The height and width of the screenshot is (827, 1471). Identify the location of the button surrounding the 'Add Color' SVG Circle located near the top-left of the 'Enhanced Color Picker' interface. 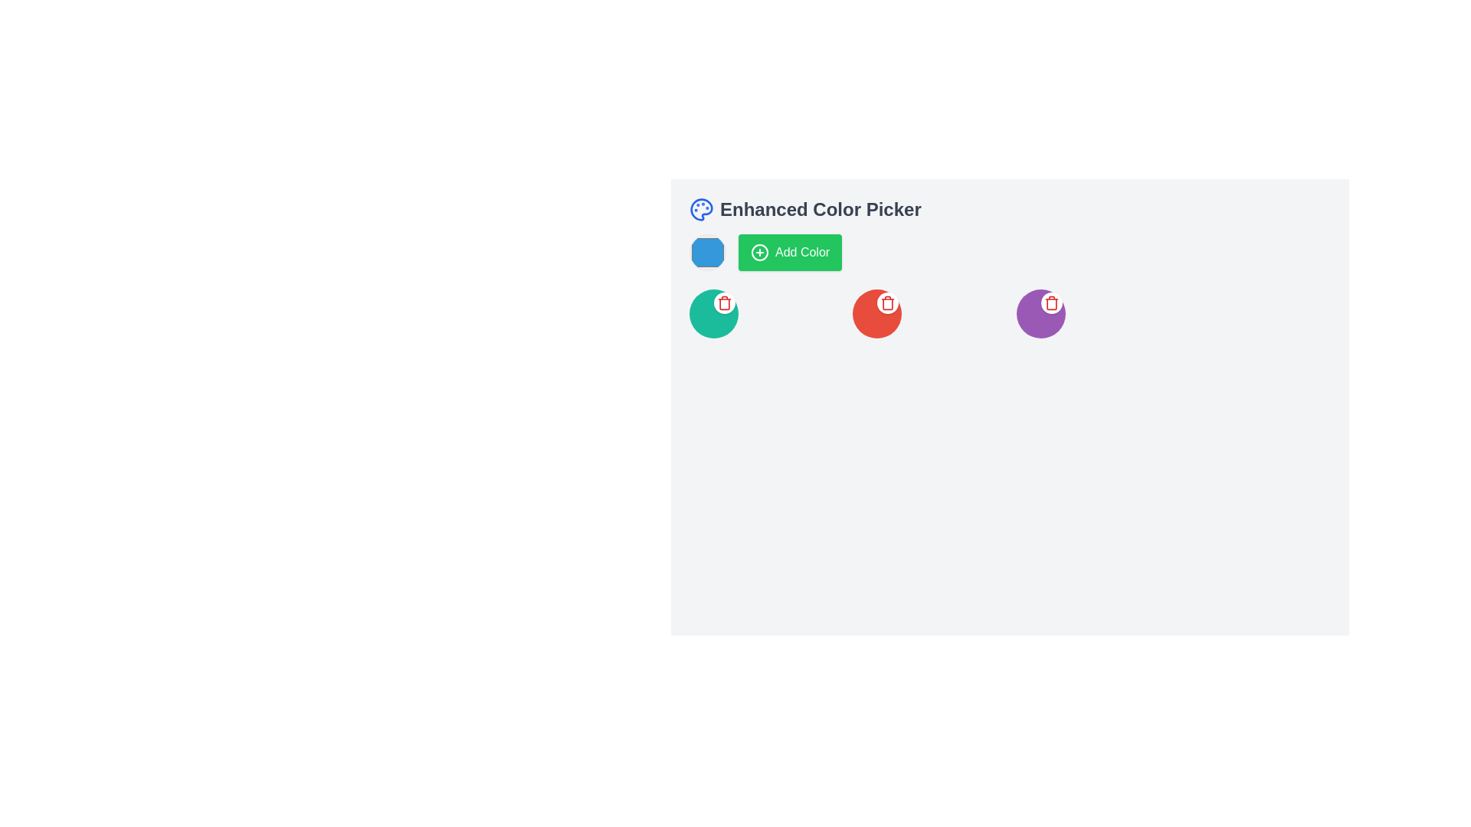
(760, 252).